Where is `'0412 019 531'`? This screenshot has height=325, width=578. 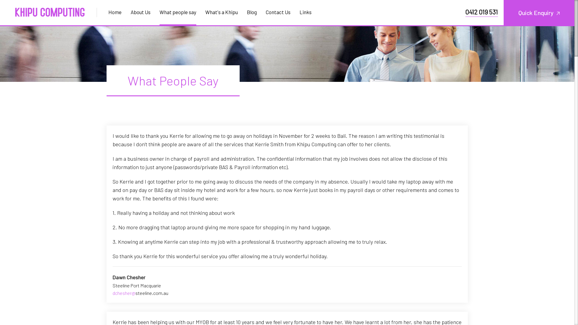
'0412 019 531' is located at coordinates (481, 11).